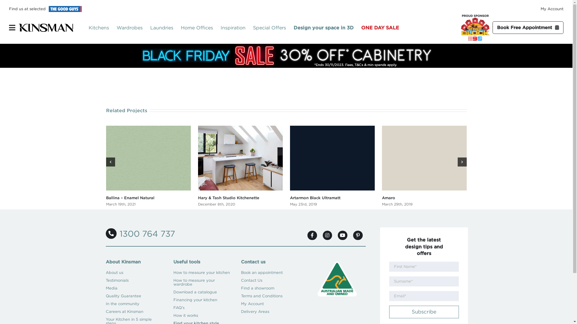  What do you see at coordinates (253, 28) in the screenshot?
I see `'Special Offers'` at bounding box center [253, 28].